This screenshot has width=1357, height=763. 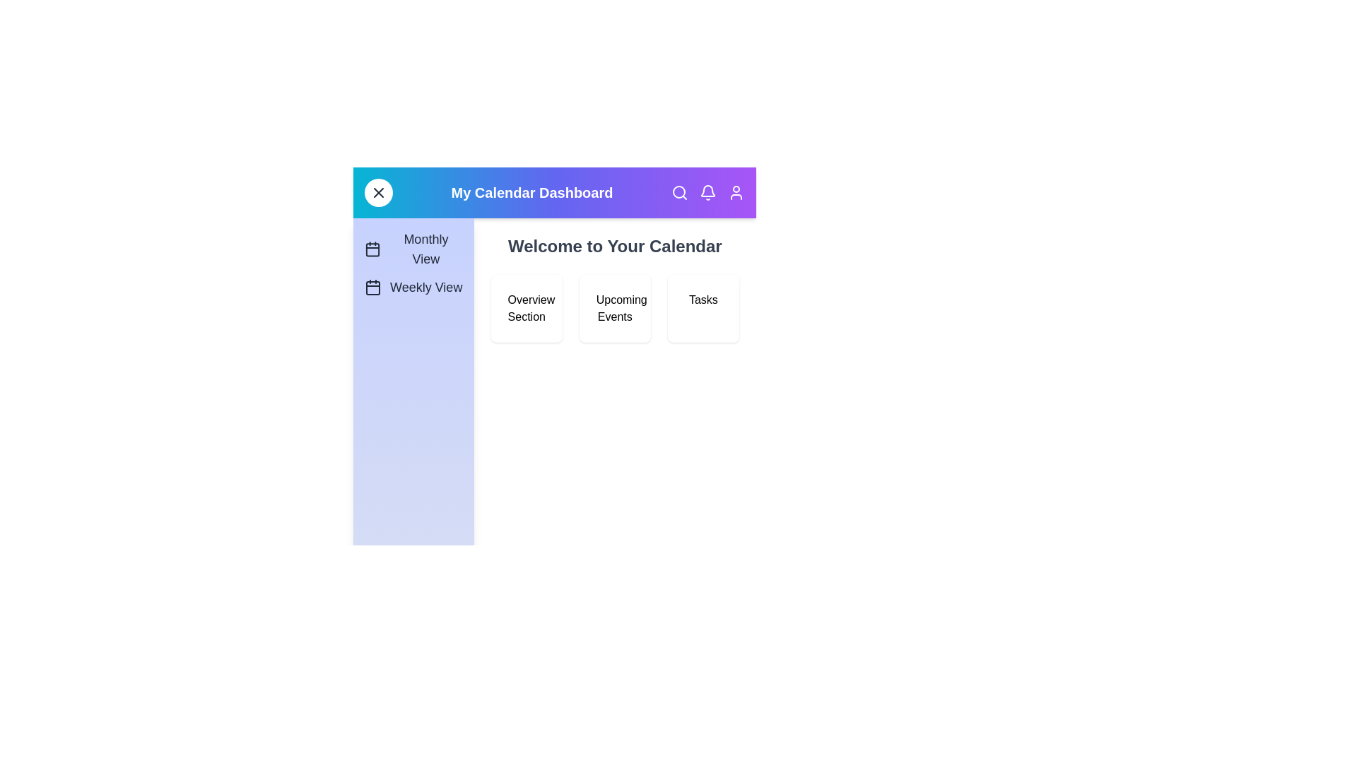 I want to click on the 'Tasks' card, which is the third card in a row of three, so click(x=703, y=307).